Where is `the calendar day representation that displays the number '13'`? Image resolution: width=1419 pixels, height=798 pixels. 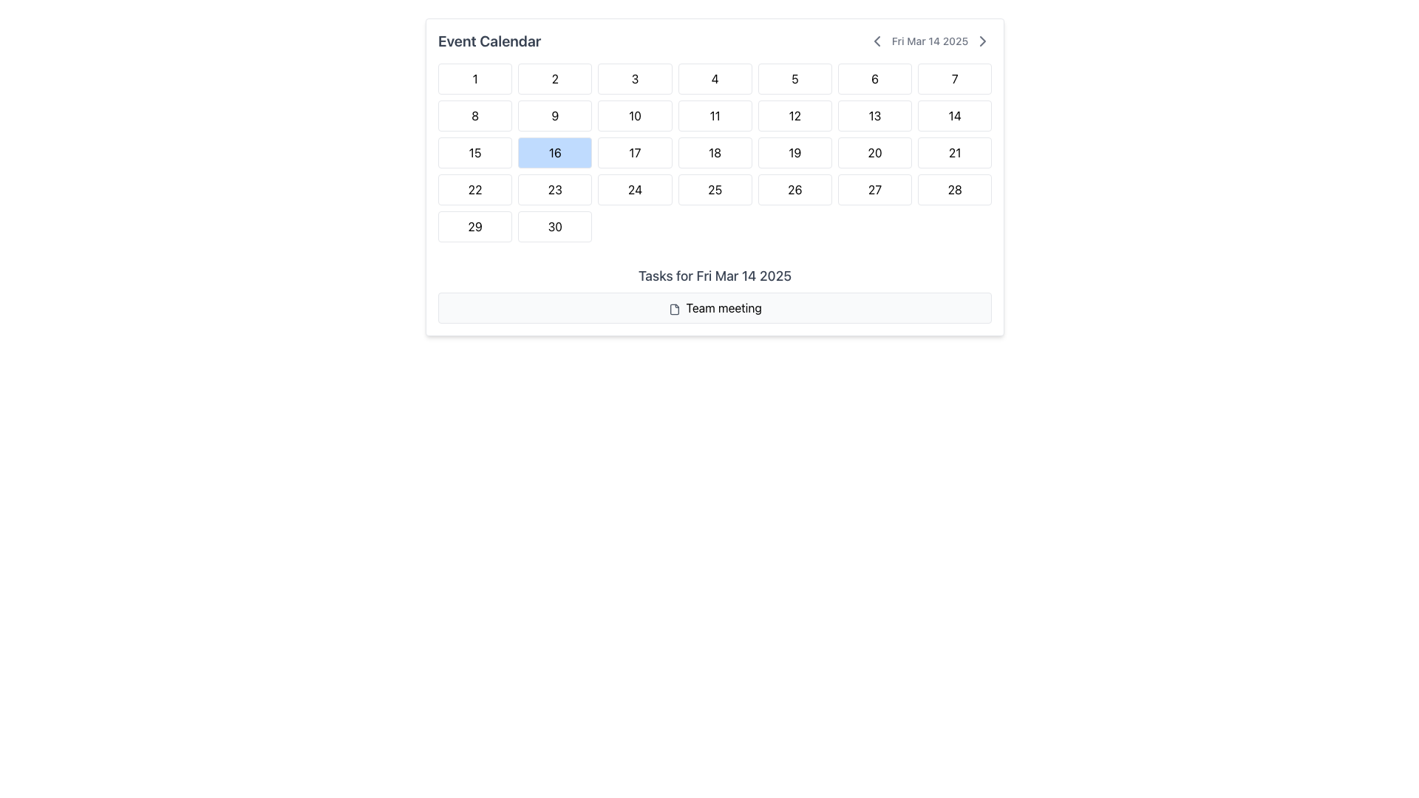
the calendar day representation that displays the number '13' is located at coordinates (875, 115).